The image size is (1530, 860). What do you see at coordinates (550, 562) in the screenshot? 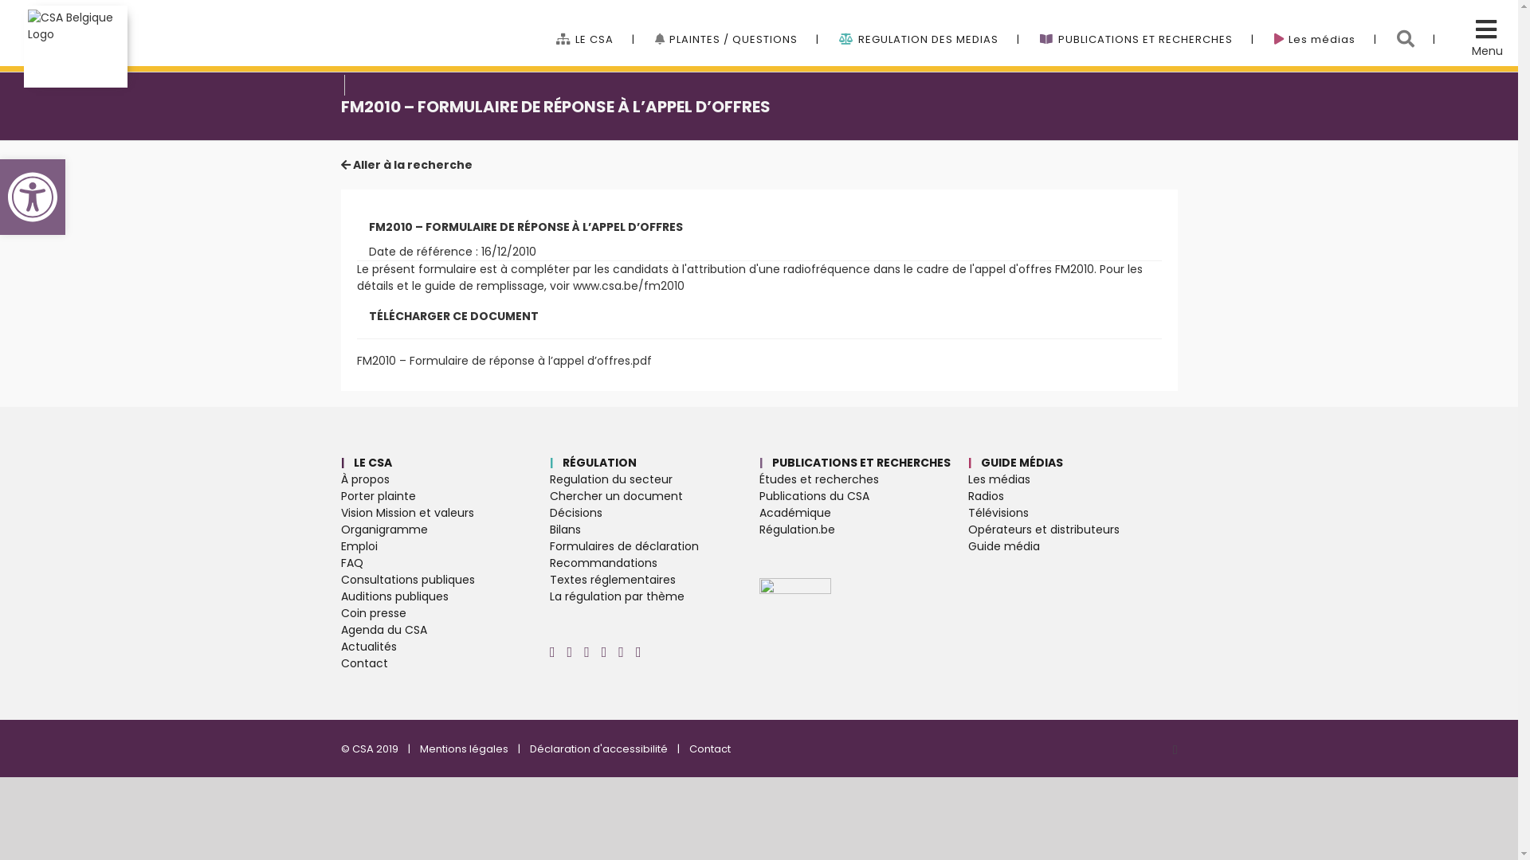
I see `'Recommandations'` at bounding box center [550, 562].